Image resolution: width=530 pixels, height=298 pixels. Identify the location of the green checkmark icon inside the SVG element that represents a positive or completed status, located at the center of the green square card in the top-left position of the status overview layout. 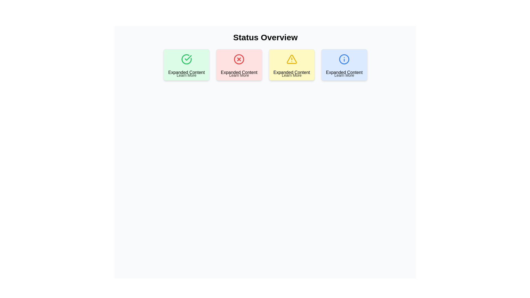
(188, 58).